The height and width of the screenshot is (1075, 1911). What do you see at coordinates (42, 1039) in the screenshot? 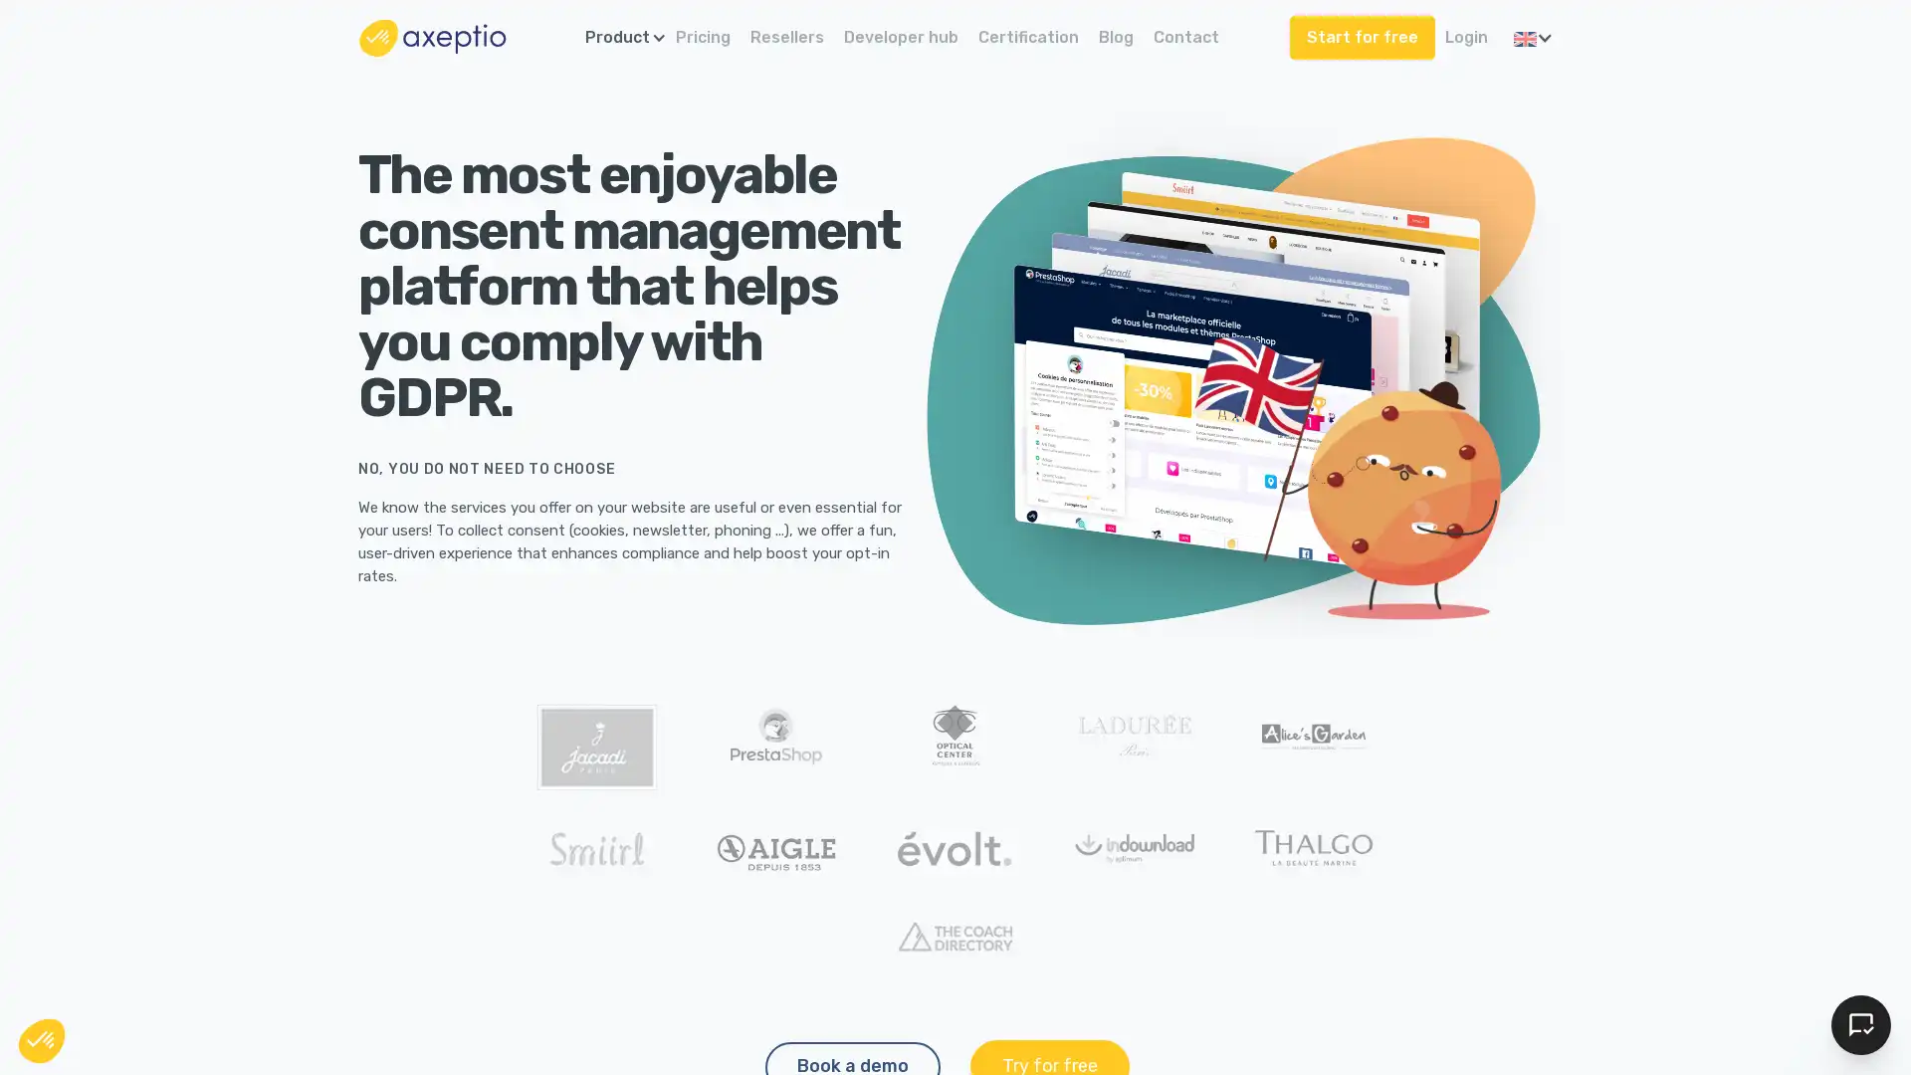
I see `Close` at bounding box center [42, 1039].